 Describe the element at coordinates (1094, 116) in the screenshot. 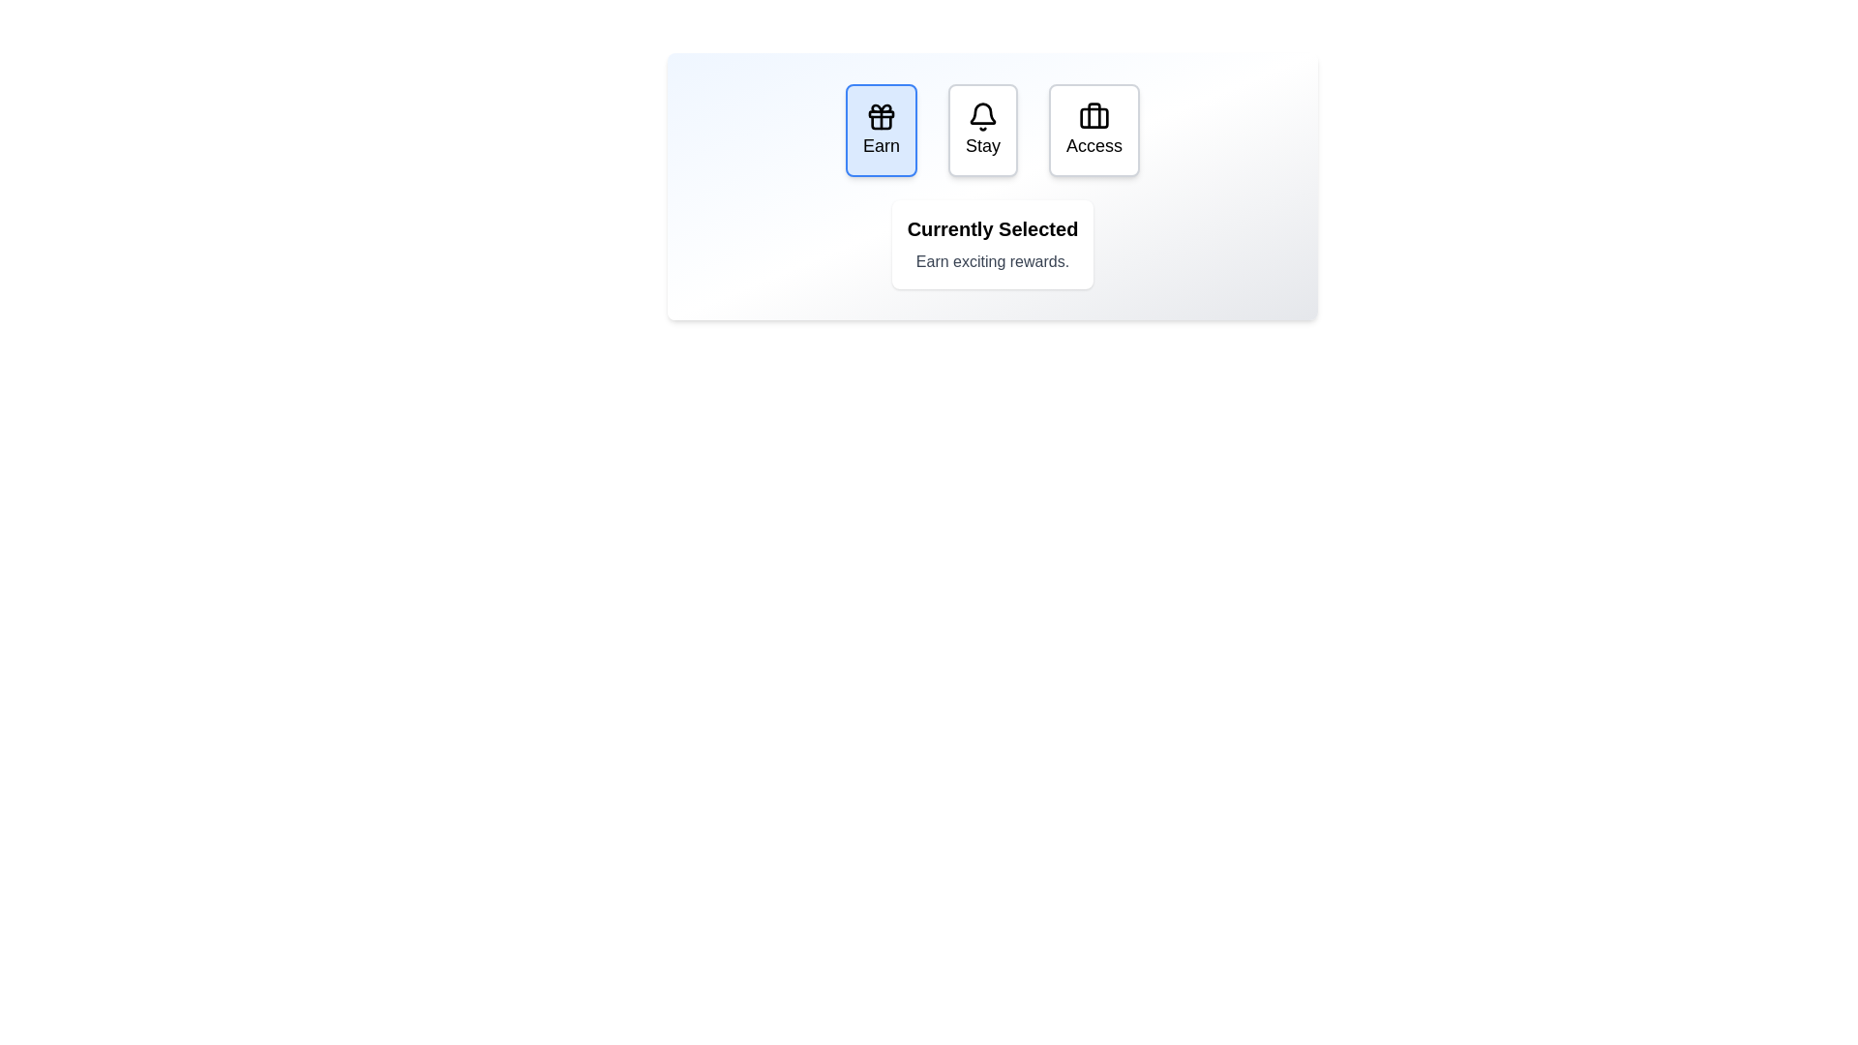

I see `the briefcase icon located in the 'Access' card, which is the third card in a horizontal row of three interactive cards` at that location.